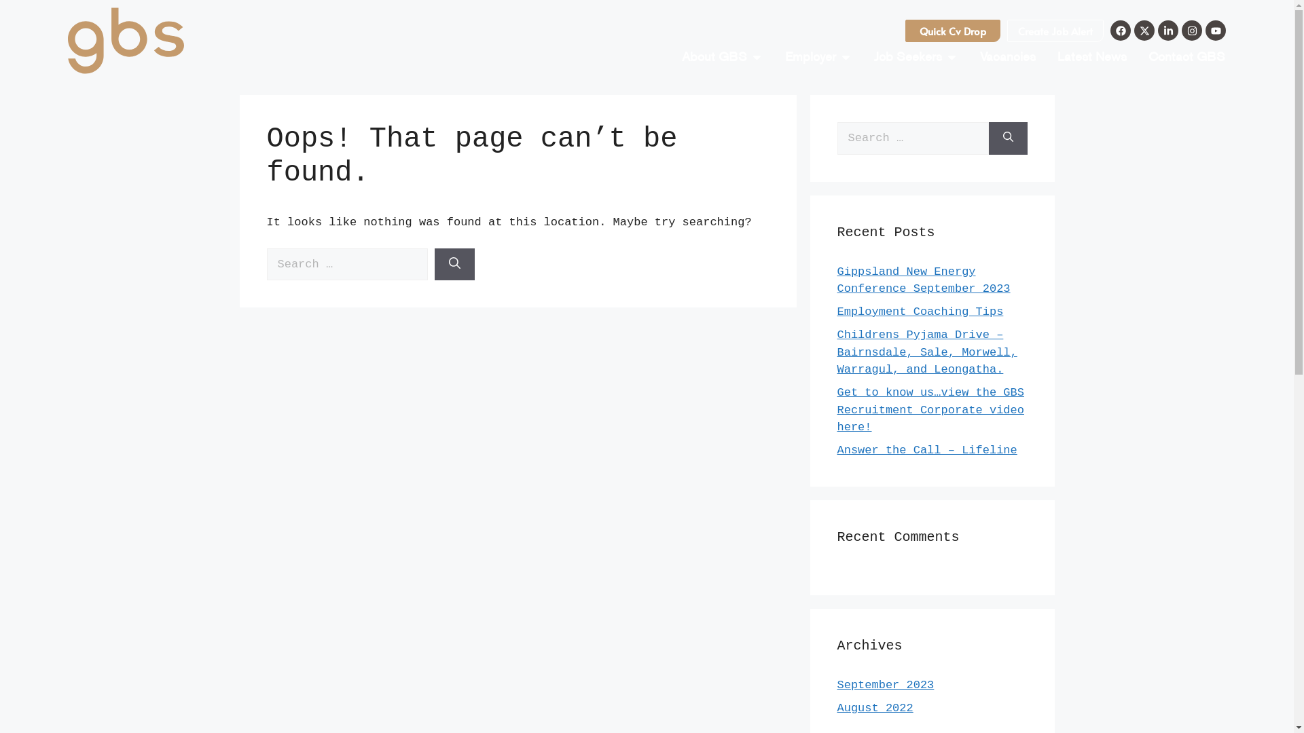  Describe the element at coordinates (1186, 56) in the screenshot. I see `'Contact GBS'` at that location.